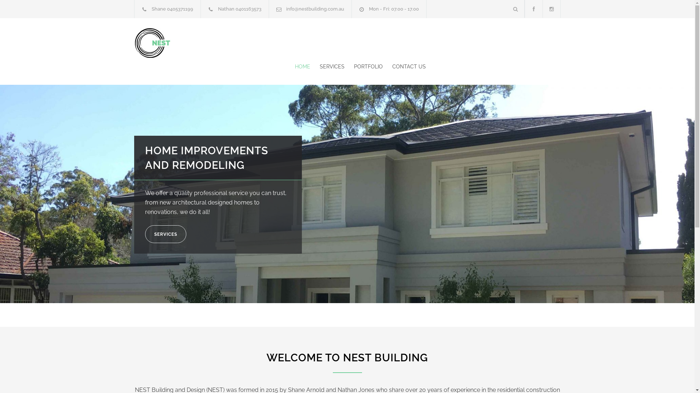 The height and width of the screenshot is (393, 700). I want to click on 'PORTFOLIO', so click(363, 66).